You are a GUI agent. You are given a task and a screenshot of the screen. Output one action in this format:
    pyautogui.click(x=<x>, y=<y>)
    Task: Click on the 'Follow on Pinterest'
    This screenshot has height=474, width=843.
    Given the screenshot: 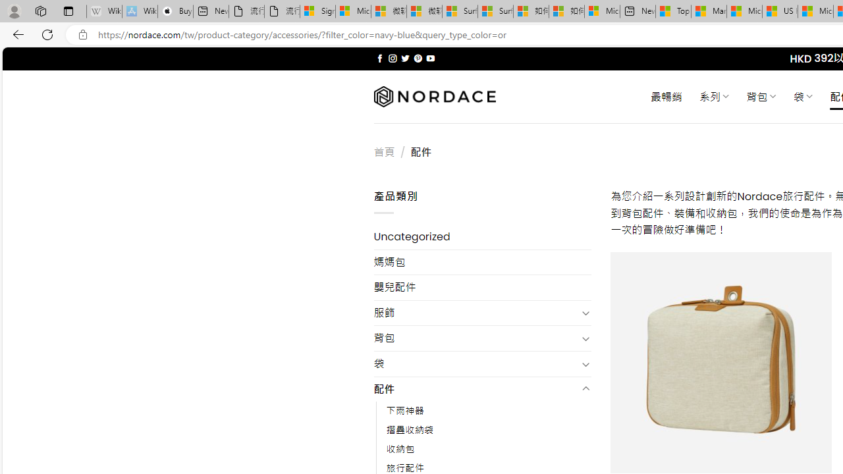 What is the action you would take?
    pyautogui.click(x=417, y=58)
    